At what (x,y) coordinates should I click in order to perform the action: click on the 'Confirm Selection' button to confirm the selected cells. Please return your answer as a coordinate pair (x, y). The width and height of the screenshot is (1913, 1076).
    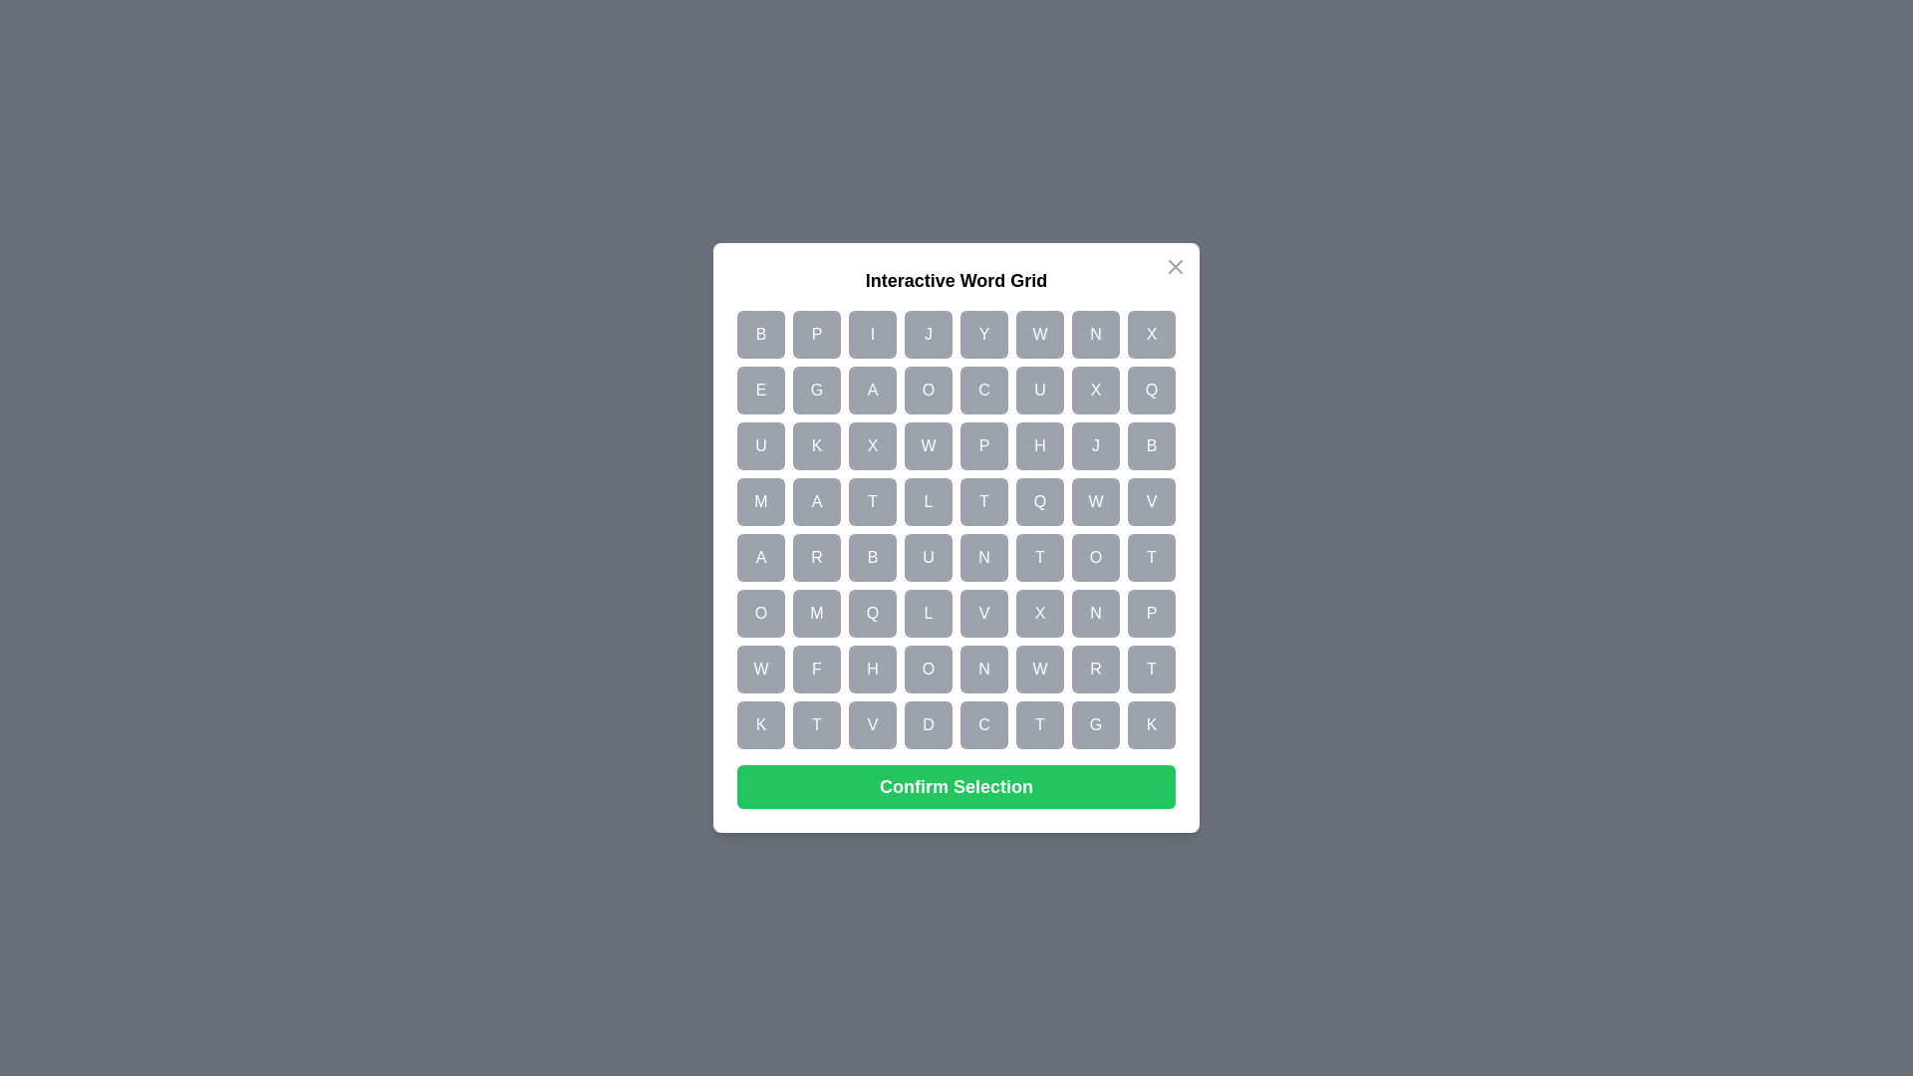
    Looking at the image, I should click on (956, 786).